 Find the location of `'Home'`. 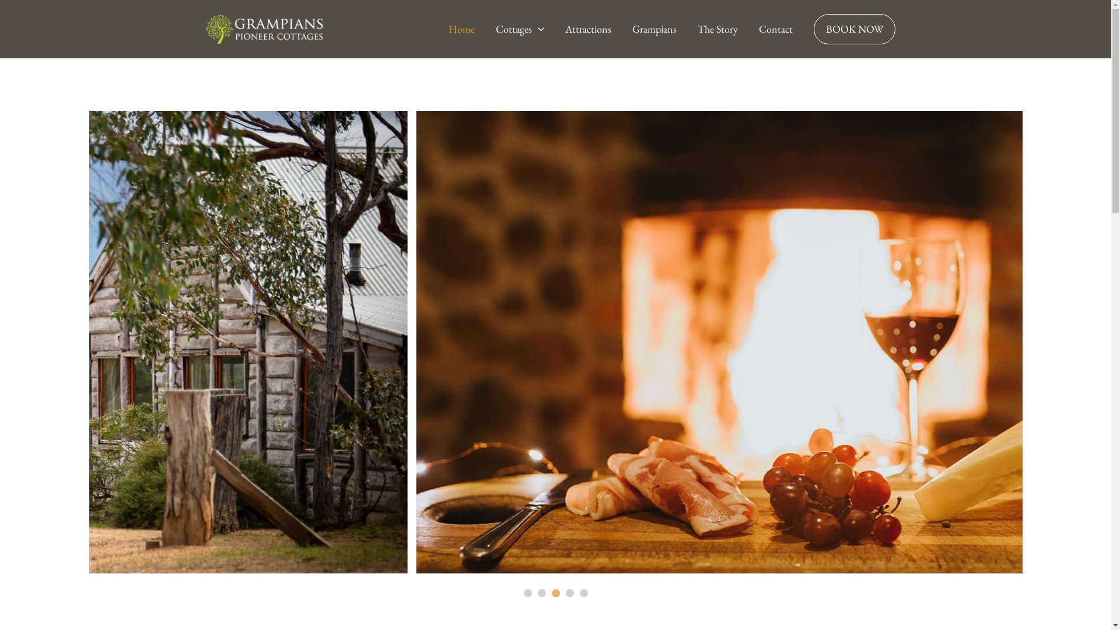

'Home' is located at coordinates (437, 29).